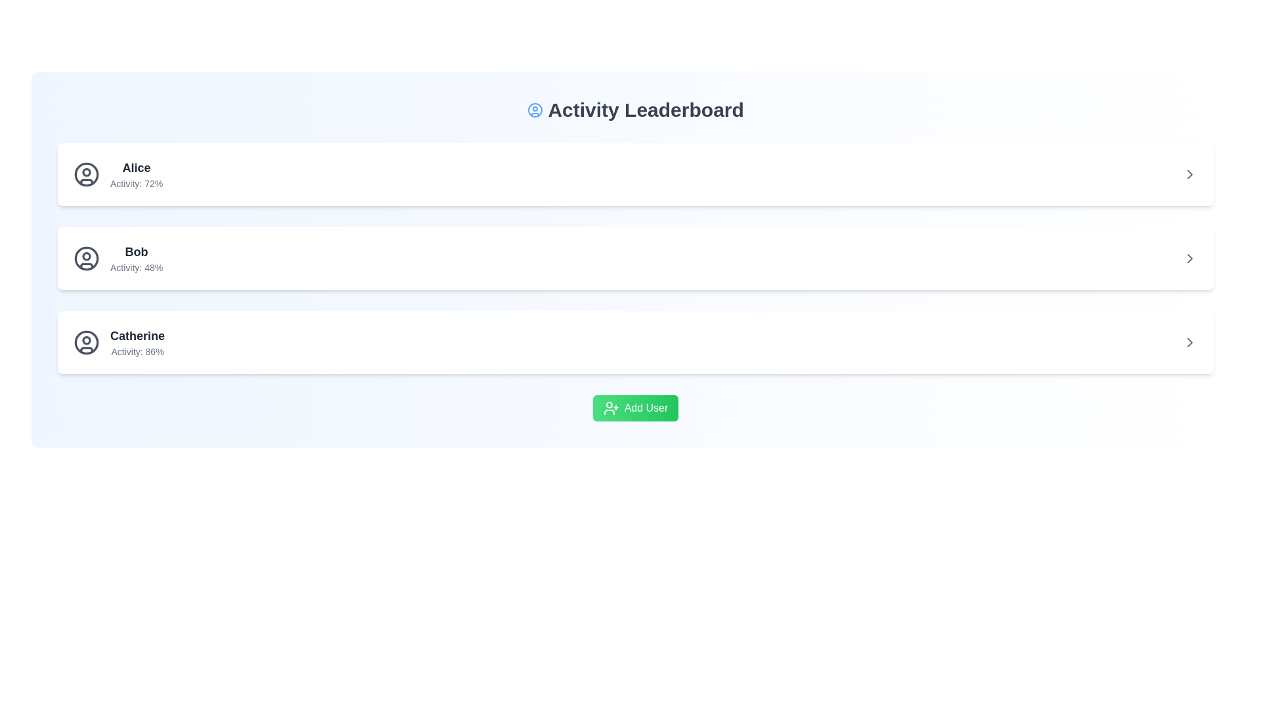  What do you see at coordinates (136, 174) in the screenshot?
I see `the Text Display element that shows the user's name and activity percentage, located at the top of the leaderboard list, above entries for 'Bob' and 'Catherine.'` at bounding box center [136, 174].